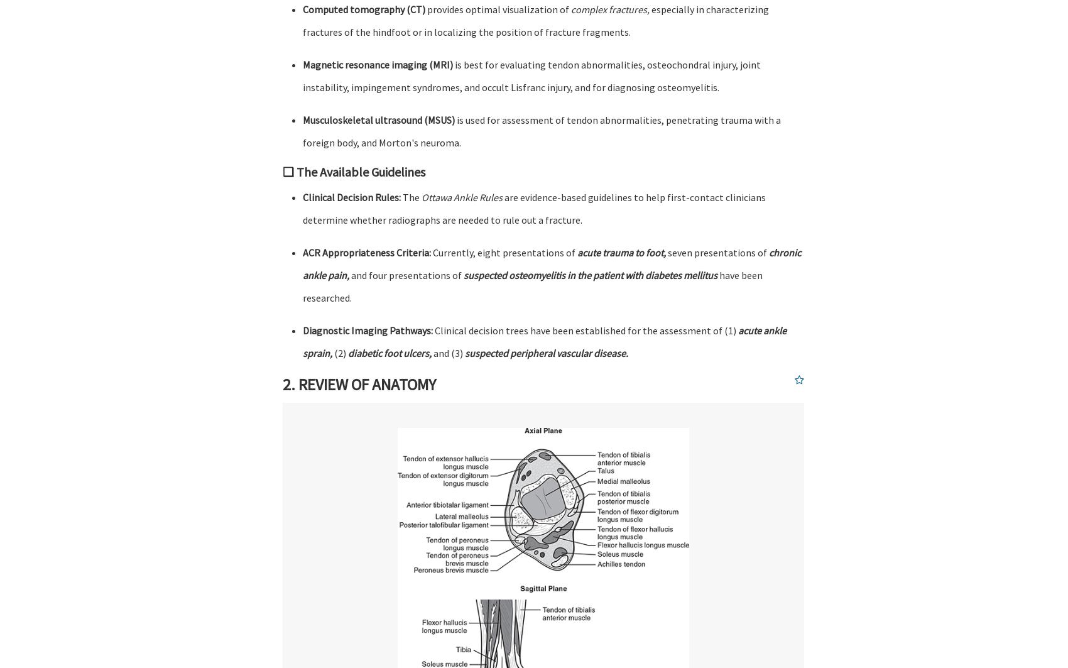 Image resolution: width=1068 pixels, height=668 pixels. What do you see at coordinates (302, 287) in the screenshot?
I see `'have been researched.'` at bounding box center [302, 287].